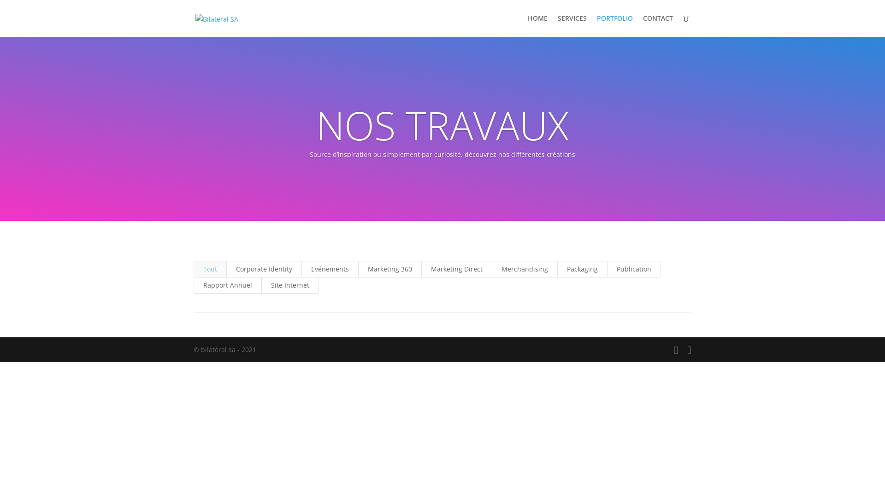 This screenshot has height=497, width=885. What do you see at coordinates (228, 285) in the screenshot?
I see `'Rapport Annuel'` at bounding box center [228, 285].